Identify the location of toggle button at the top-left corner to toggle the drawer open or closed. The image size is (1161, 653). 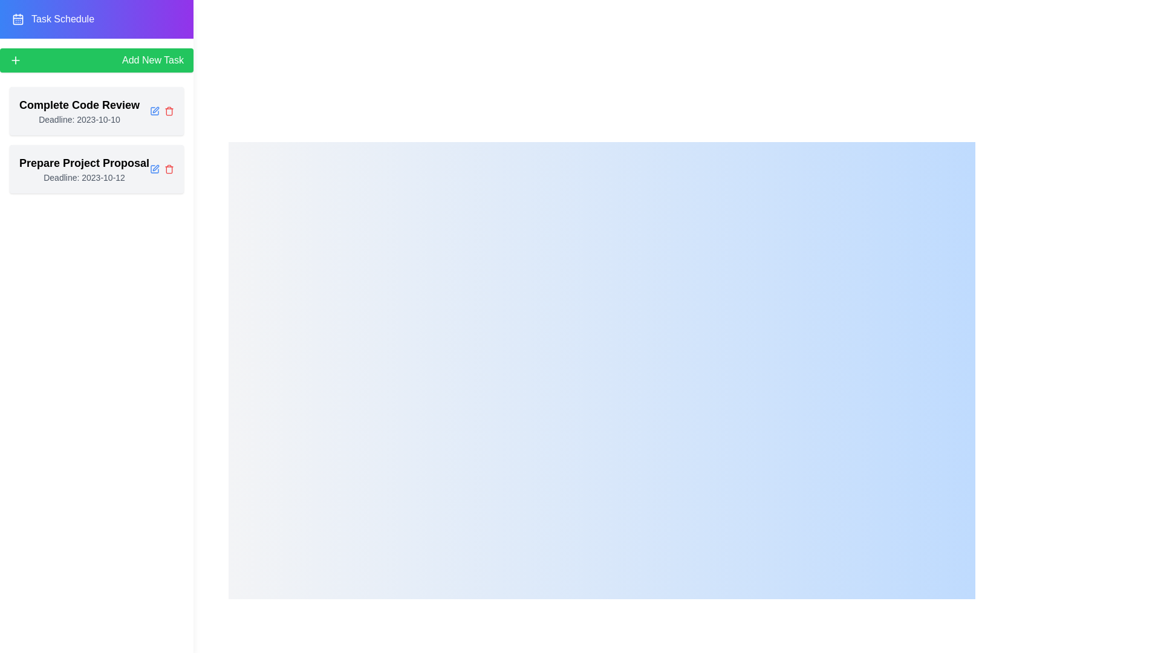
(28, 27).